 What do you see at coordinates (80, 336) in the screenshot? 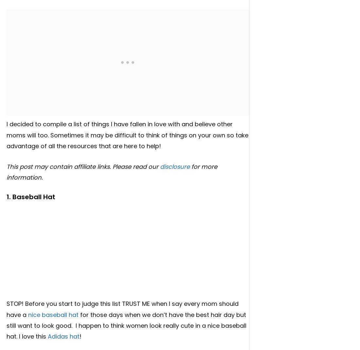
I see `'!'` at bounding box center [80, 336].